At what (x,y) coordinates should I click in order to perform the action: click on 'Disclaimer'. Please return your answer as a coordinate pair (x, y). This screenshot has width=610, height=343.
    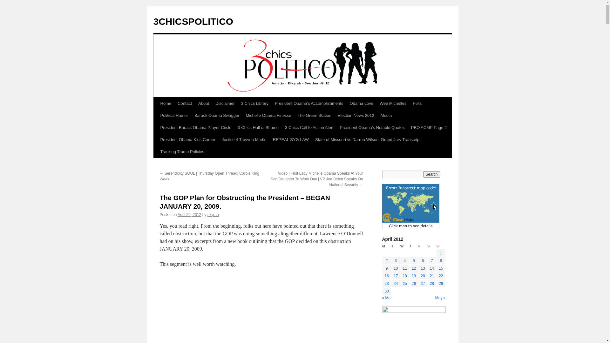
    Looking at the image, I should click on (225, 103).